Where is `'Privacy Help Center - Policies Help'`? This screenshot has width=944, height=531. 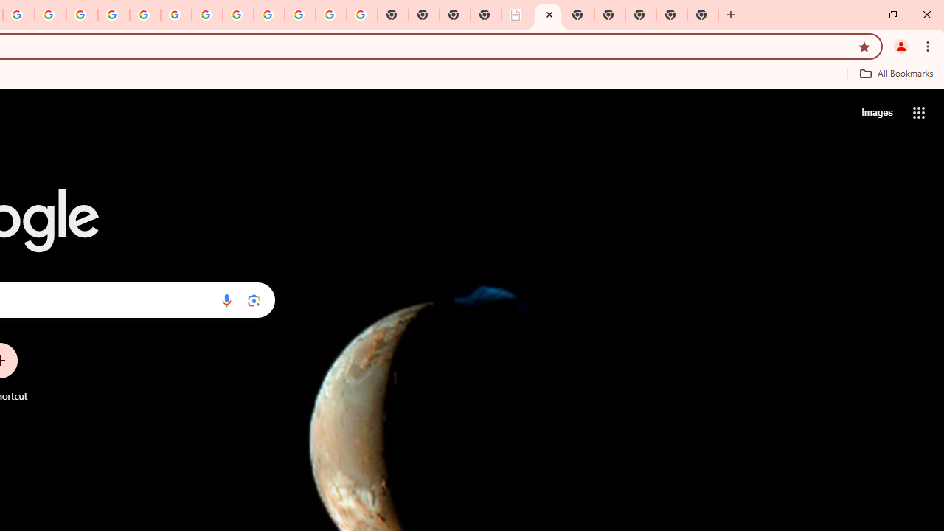 'Privacy Help Center - Policies Help' is located at coordinates (81, 15).